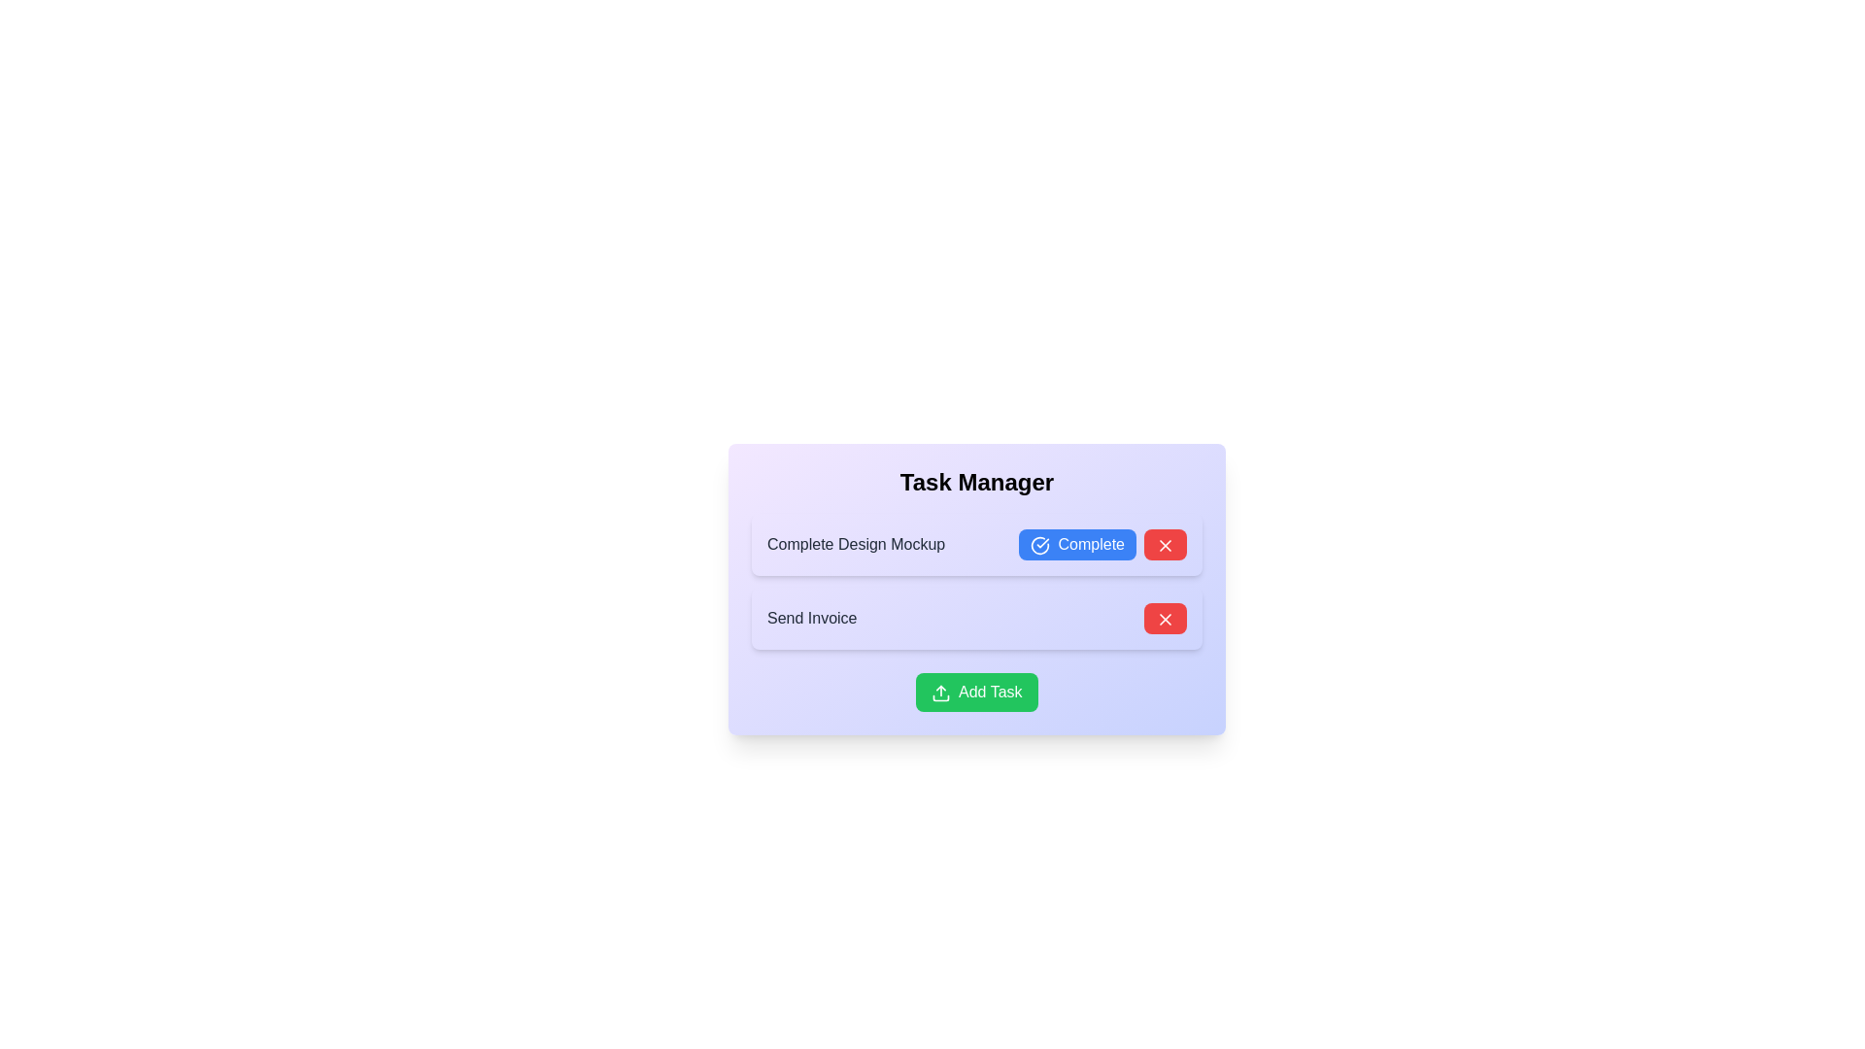  Describe the element at coordinates (977, 588) in the screenshot. I see `the task management controls section within the Task Manager card, located centrally below the Complete Design Mockup row` at that location.